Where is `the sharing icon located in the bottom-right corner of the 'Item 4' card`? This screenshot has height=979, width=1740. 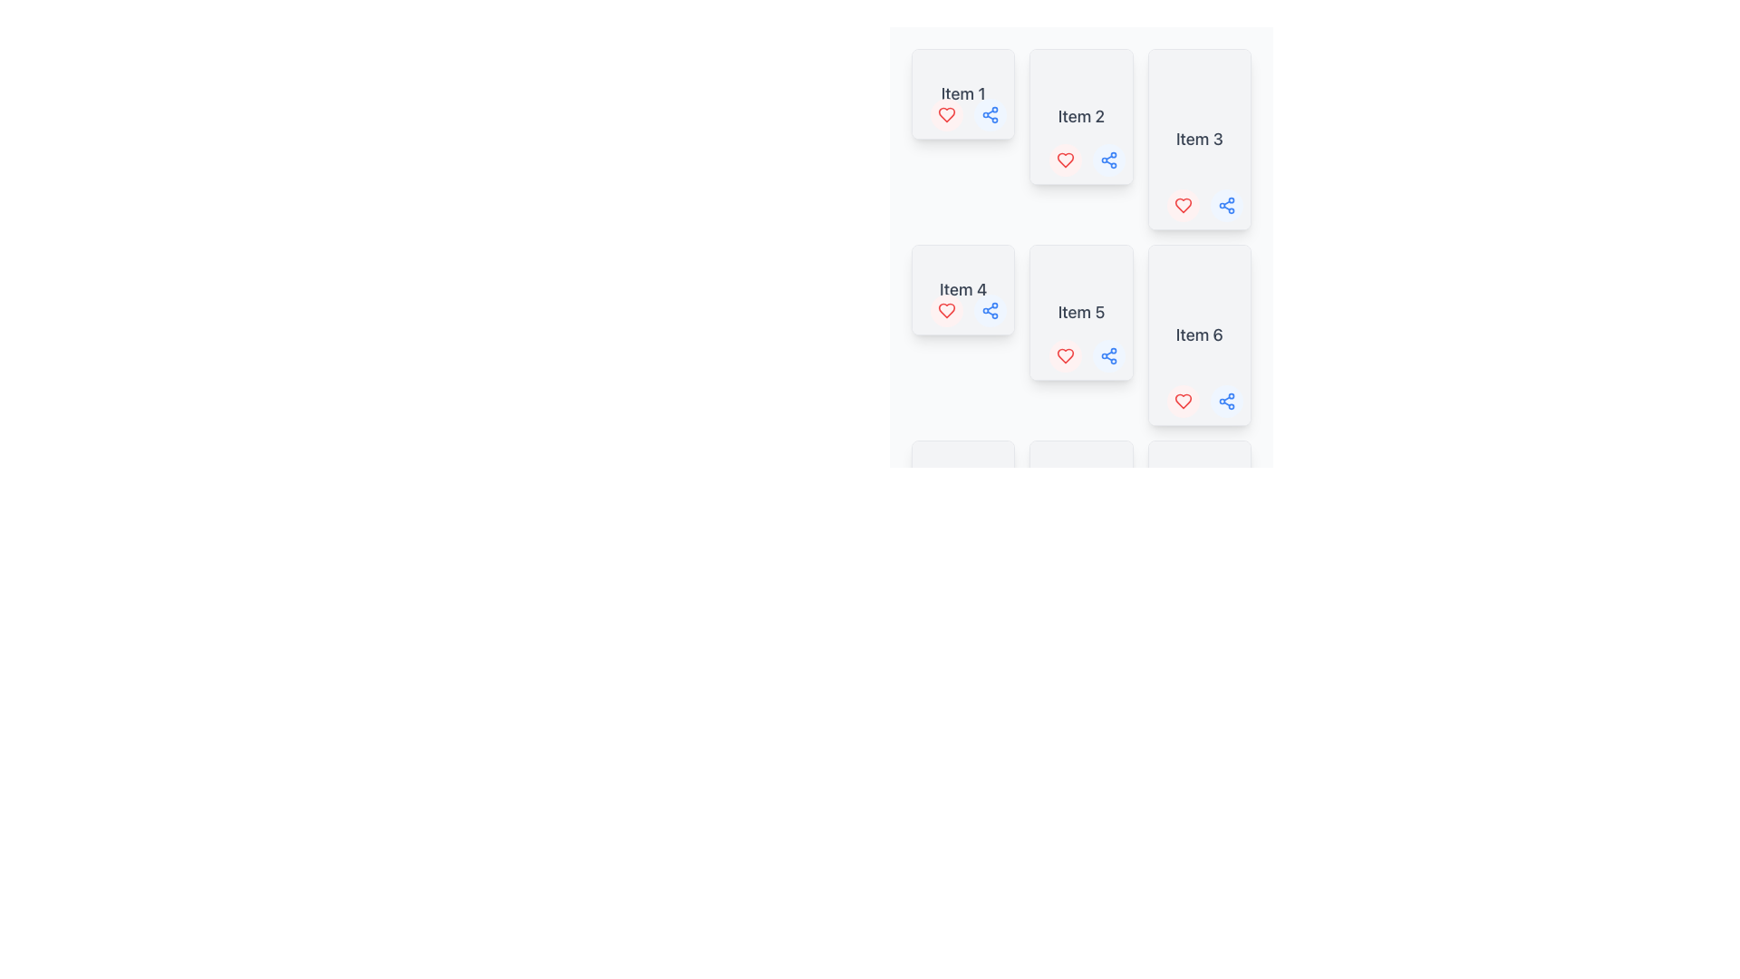 the sharing icon located in the bottom-right corner of the 'Item 4' card is located at coordinates (990, 310).